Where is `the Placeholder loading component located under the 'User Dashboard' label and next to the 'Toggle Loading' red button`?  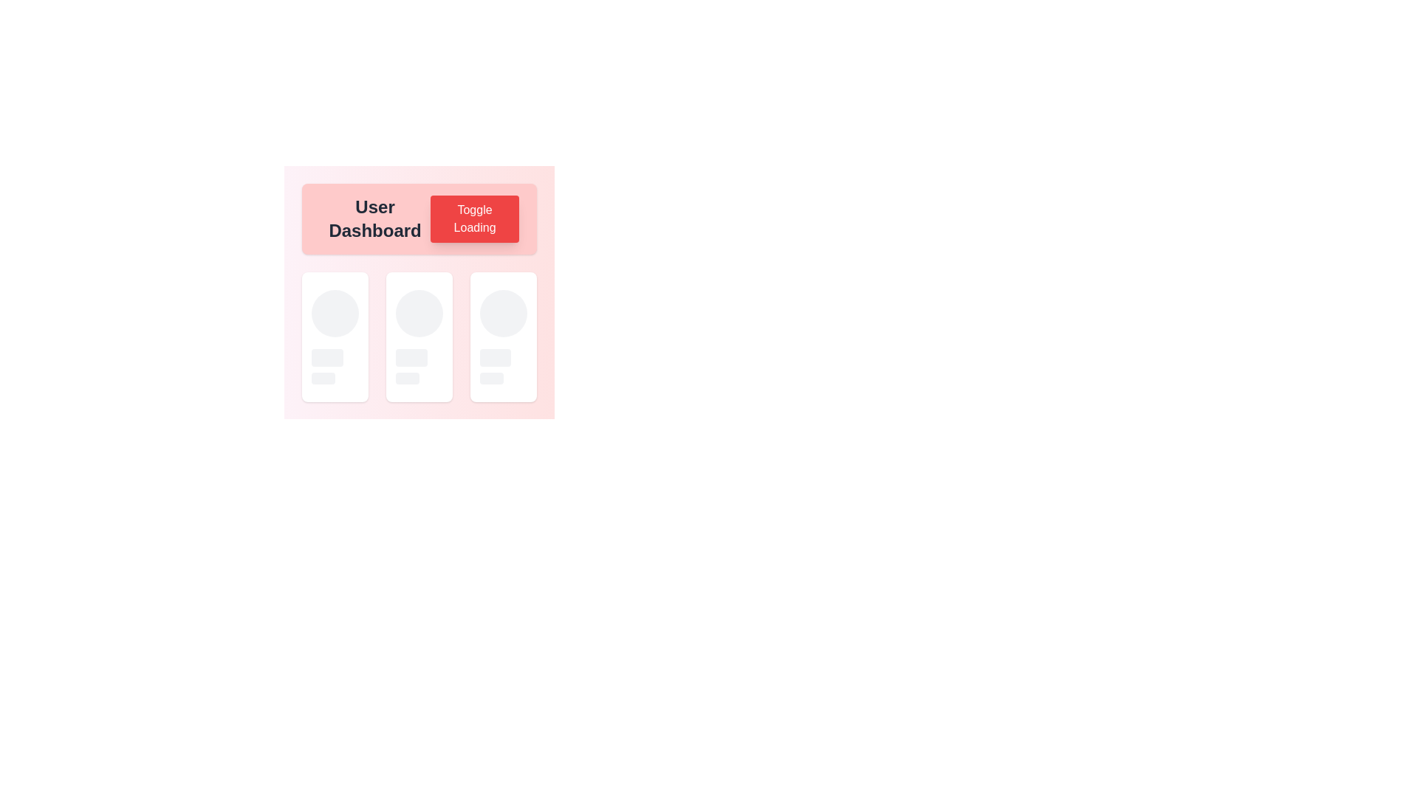 the Placeholder loading component located under the 'User Dashboard' label and next to the 'Toggle Loading' red button is located at coordinates (335, 337).